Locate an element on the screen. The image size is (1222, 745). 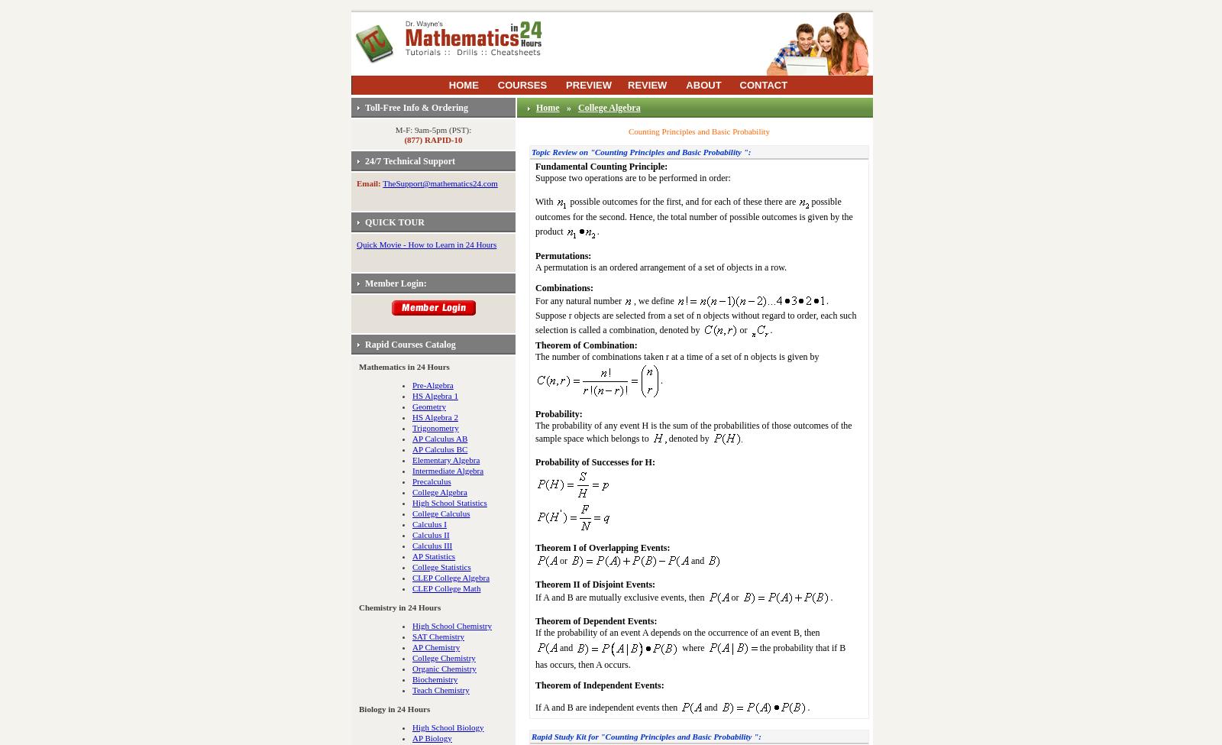
'Theorem of Dependent Events:' is located at coordinates (596, 620).